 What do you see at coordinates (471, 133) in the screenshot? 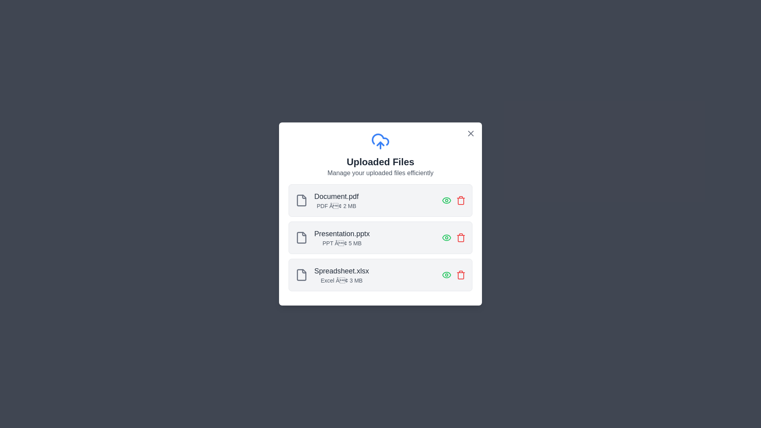
I see `the close button, styled as an 'X' icon, located at the top-right corner of the 'Uploaded Files' modal` at bounding box center [471, 133].